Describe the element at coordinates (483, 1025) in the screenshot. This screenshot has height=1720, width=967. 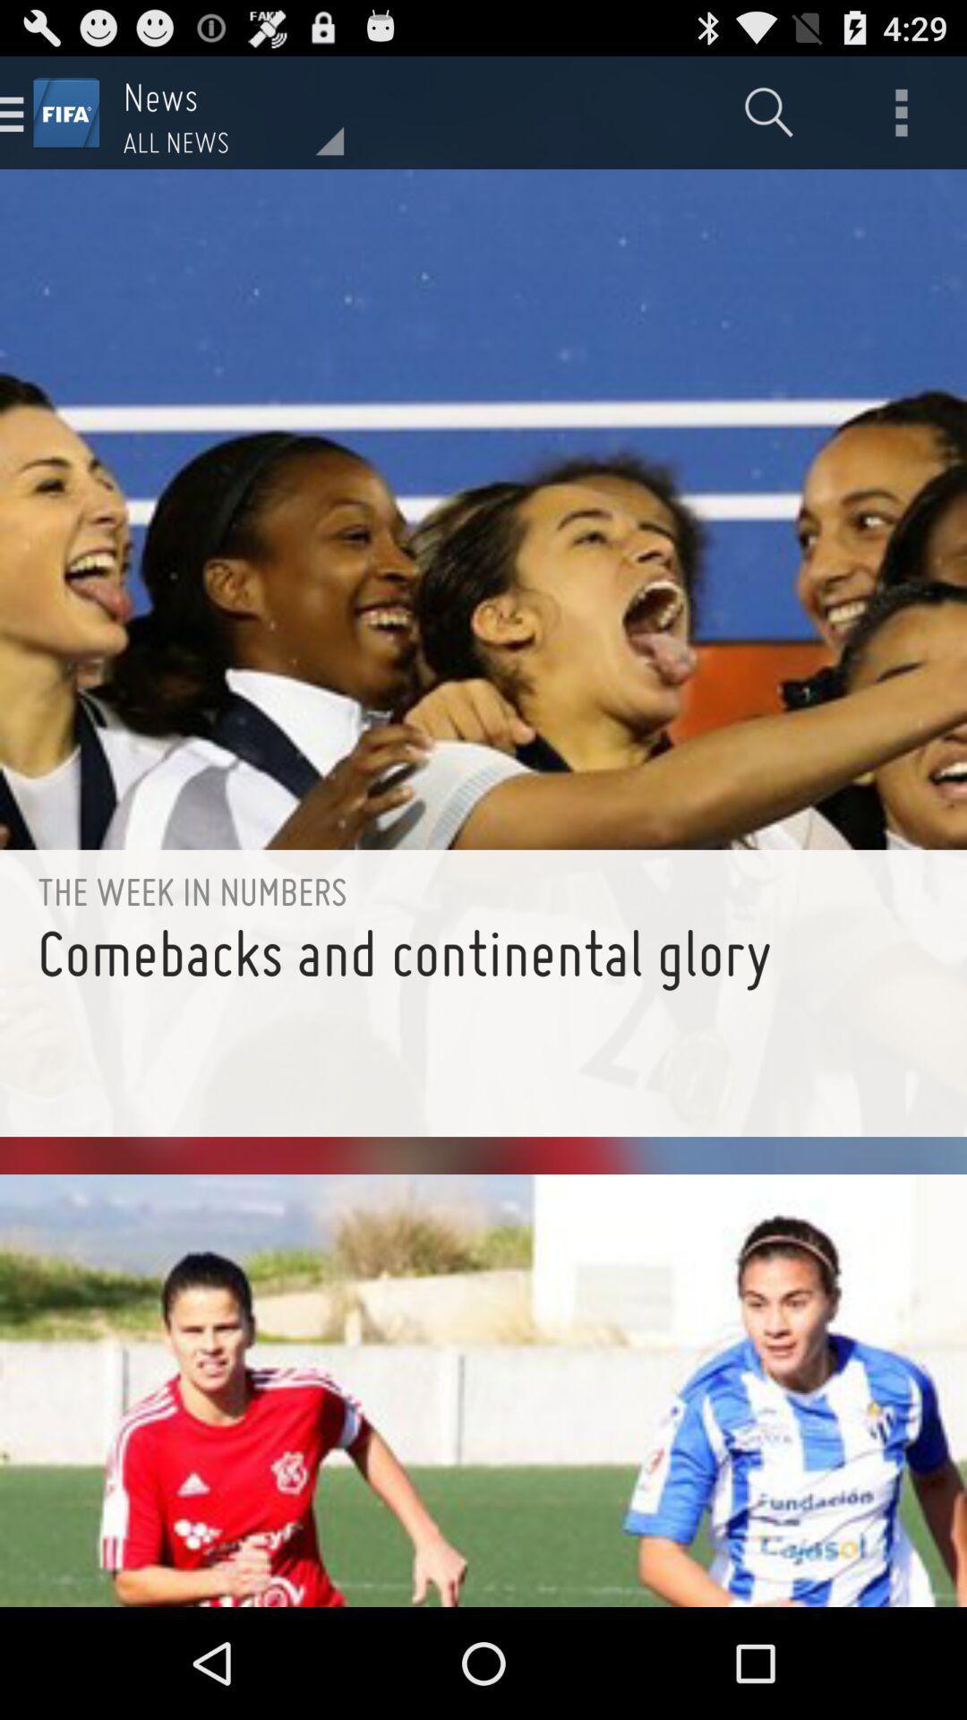
I see `comebacks and continental icon` at that location.